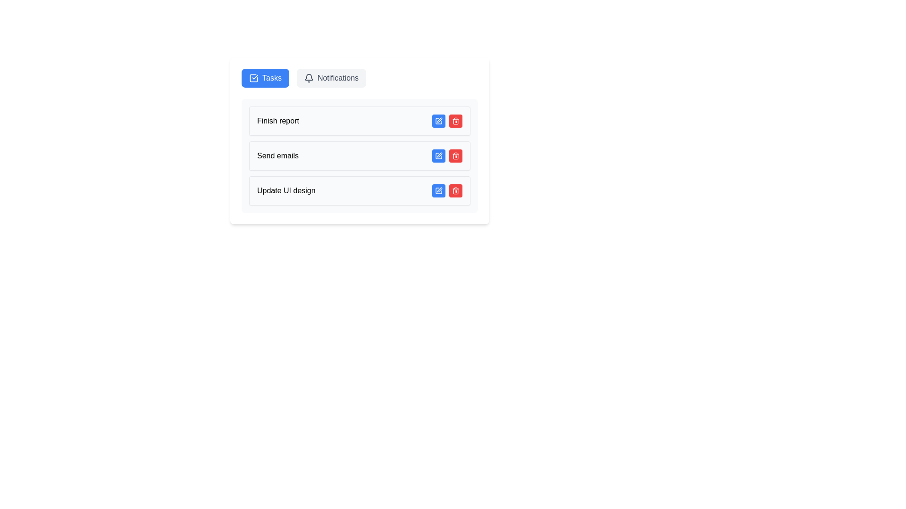 The width and height of the screenshot is (906, 509). Describe the element at coordinates (438, 191) in the screenshot. I see `the square button with a blue background and a pen icon, located to the left of the second button associated with the 'Update UI design' list item, to observe the color change` at that location.